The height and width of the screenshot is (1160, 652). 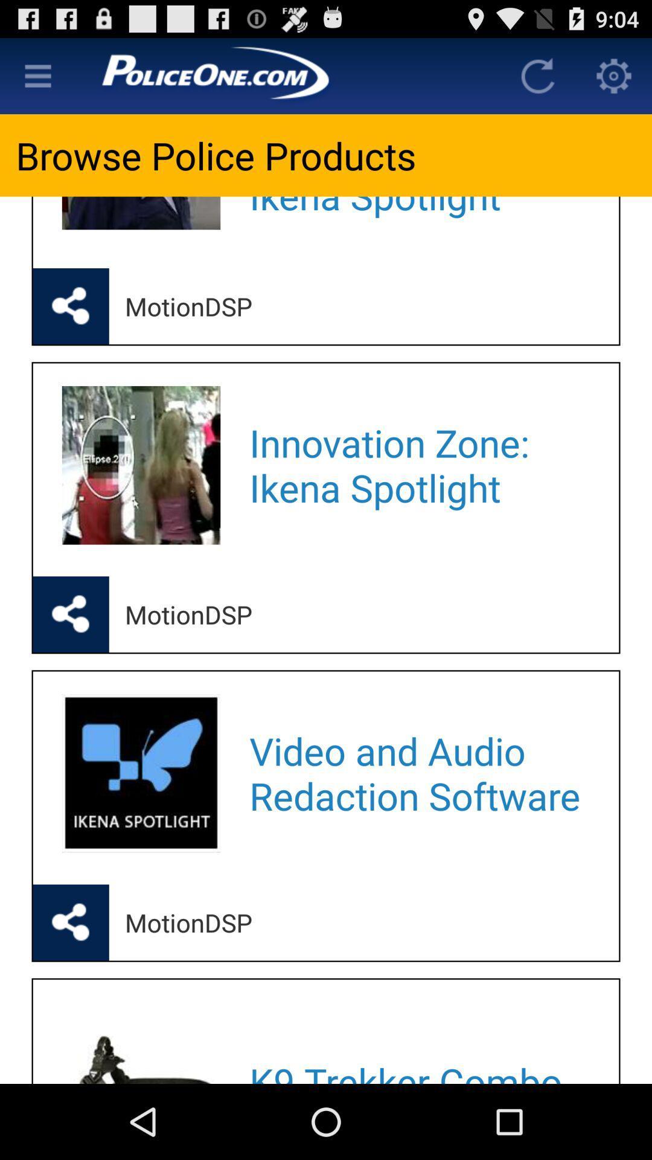 I want to click on video and audio app, so click(x=418, y=773).